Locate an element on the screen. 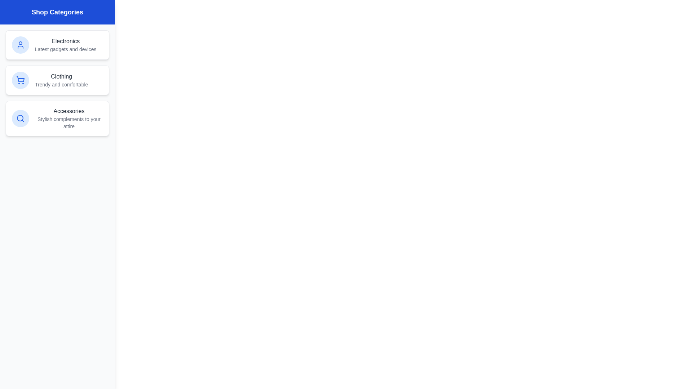  the item Electronics in the list to highlight it is located at coordinates (57, 45).